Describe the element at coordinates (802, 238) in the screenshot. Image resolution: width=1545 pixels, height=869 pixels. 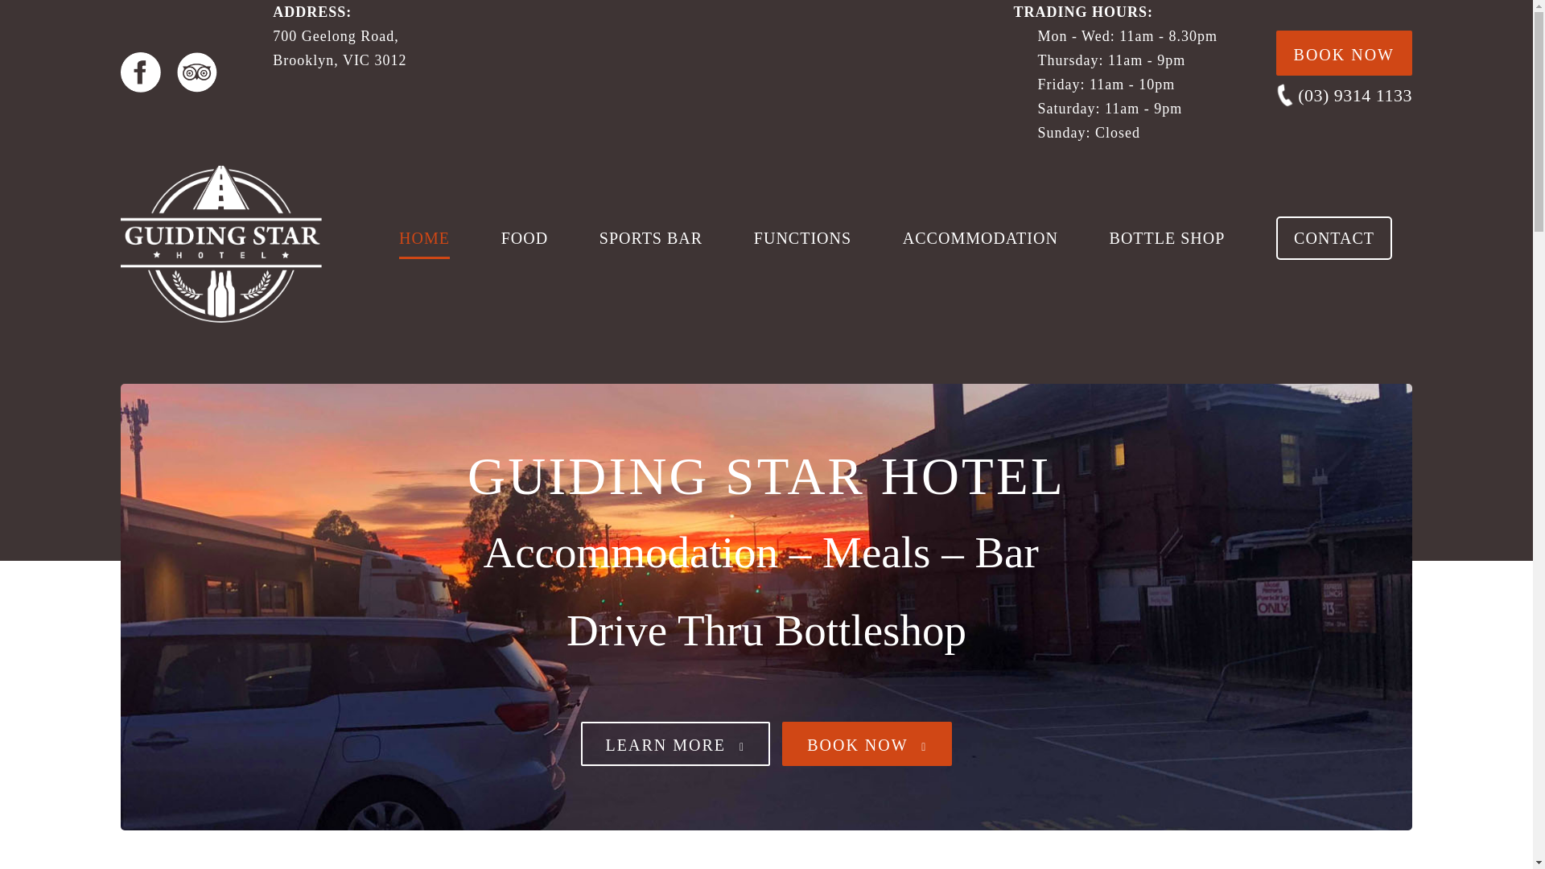
I see `'FUNCTIONS'` at that location.